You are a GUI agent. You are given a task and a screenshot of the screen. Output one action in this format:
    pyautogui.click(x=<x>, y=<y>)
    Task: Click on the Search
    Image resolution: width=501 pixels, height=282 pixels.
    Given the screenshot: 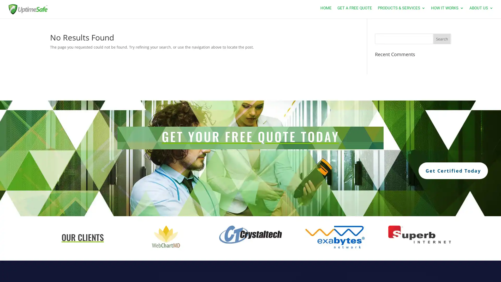 What is the action you would take?
    pyautogui.click(x=442, y=39)
    